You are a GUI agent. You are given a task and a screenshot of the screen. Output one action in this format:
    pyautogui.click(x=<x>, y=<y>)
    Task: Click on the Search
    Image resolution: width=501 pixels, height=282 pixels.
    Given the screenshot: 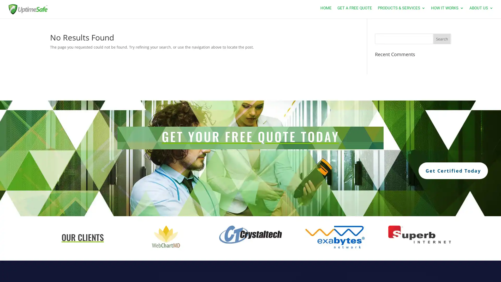 What is the action you would take?
    pyautogui.click(x=442, y=39)
    